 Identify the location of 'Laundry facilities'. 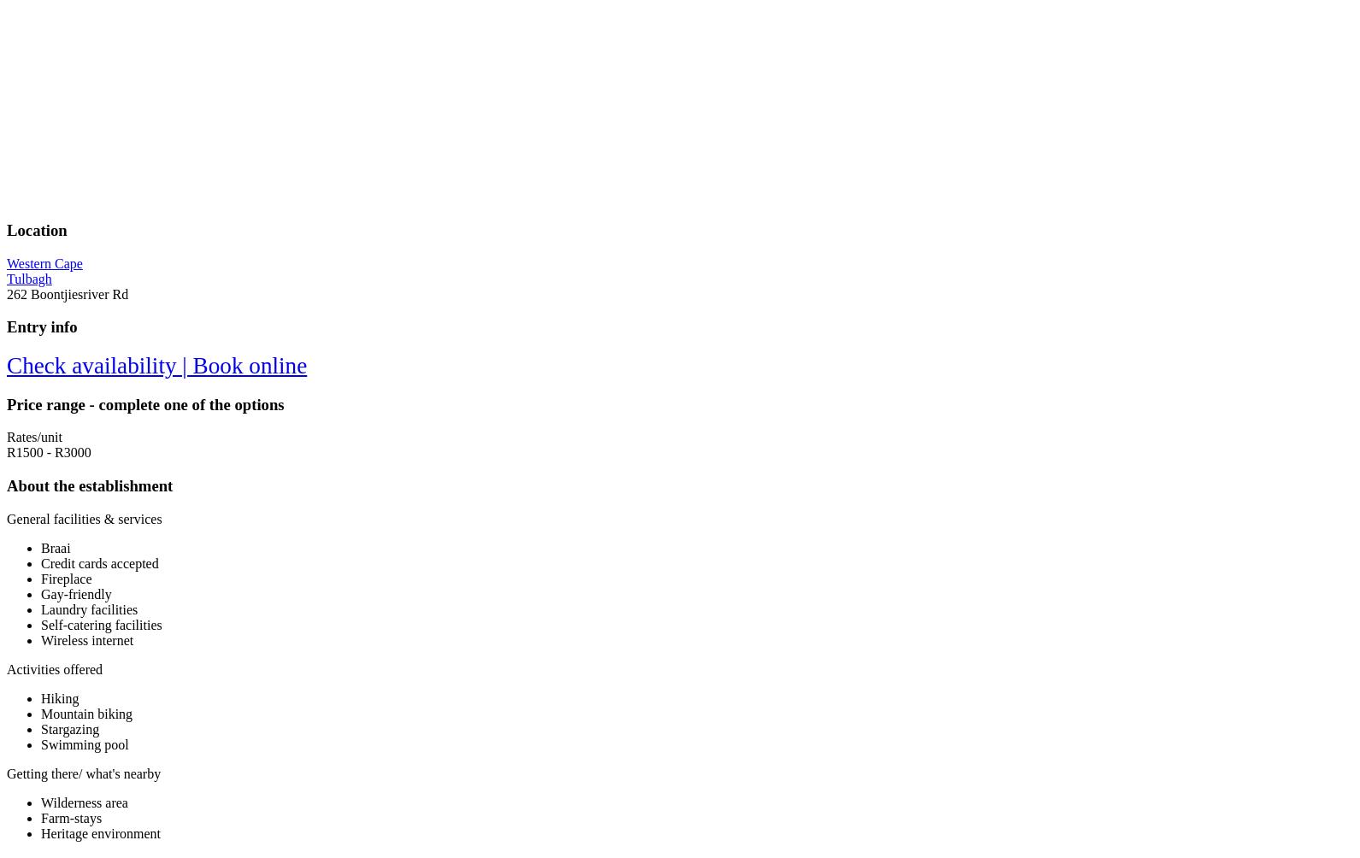
(89, 608).